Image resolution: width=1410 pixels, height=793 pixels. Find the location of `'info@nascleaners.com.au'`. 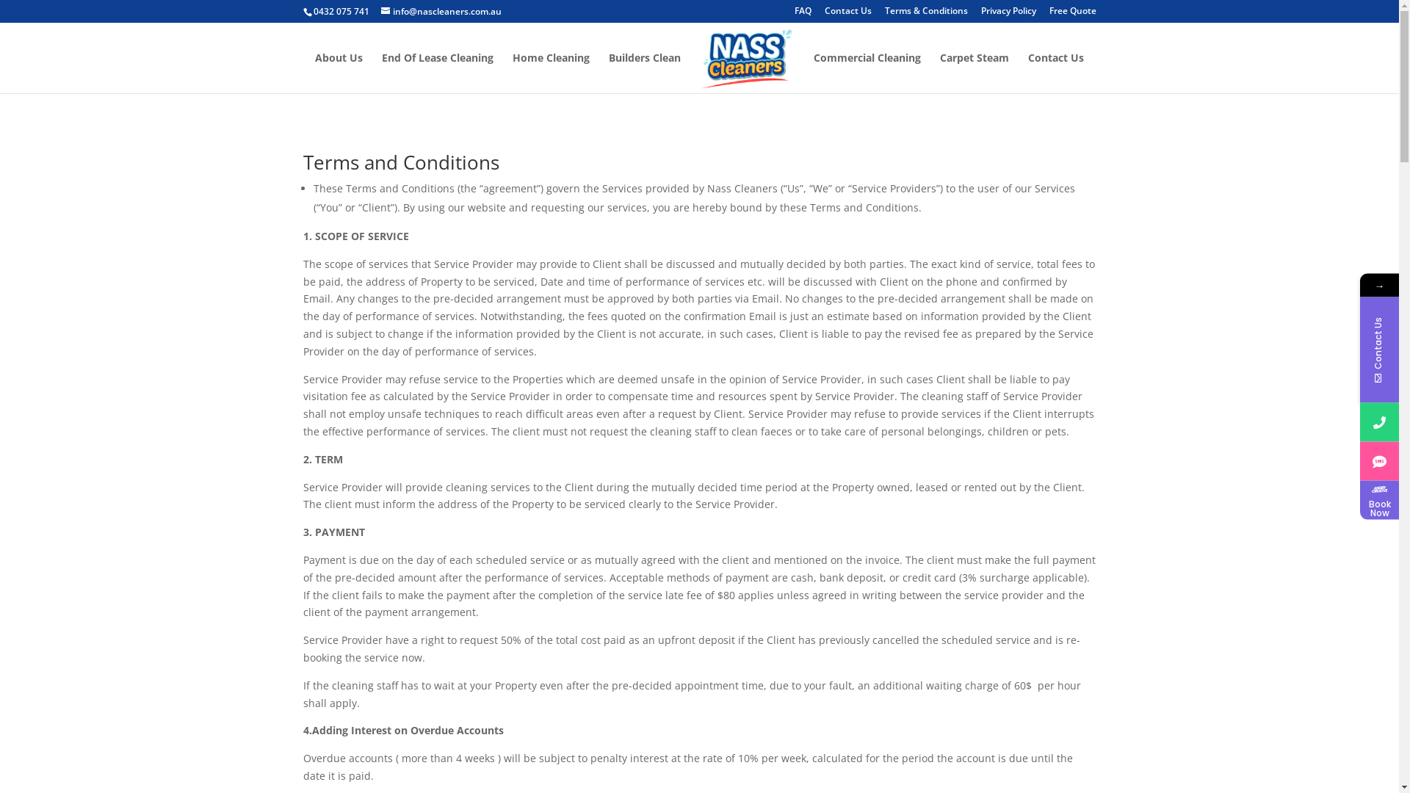

'info@nascleaners.com.au' is located at coordinates (440, 11).